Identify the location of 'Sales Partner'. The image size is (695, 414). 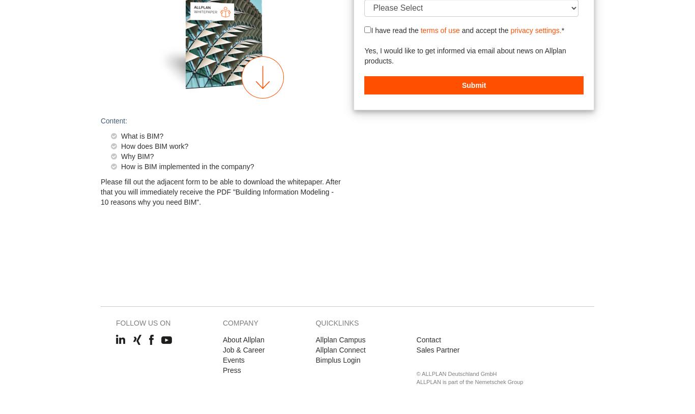
(437, 350).